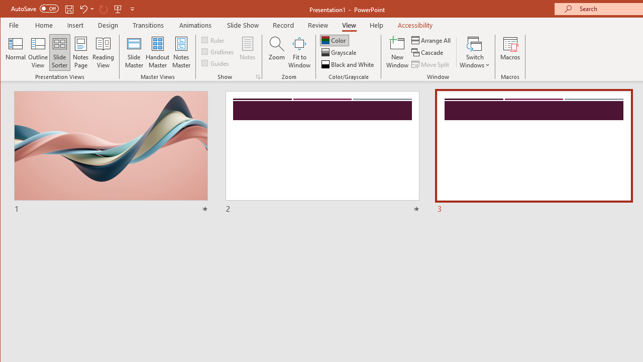  Describe the element at coordinates (258, 76) in the screenshot. I see `'Grid Settings...'` at that location.